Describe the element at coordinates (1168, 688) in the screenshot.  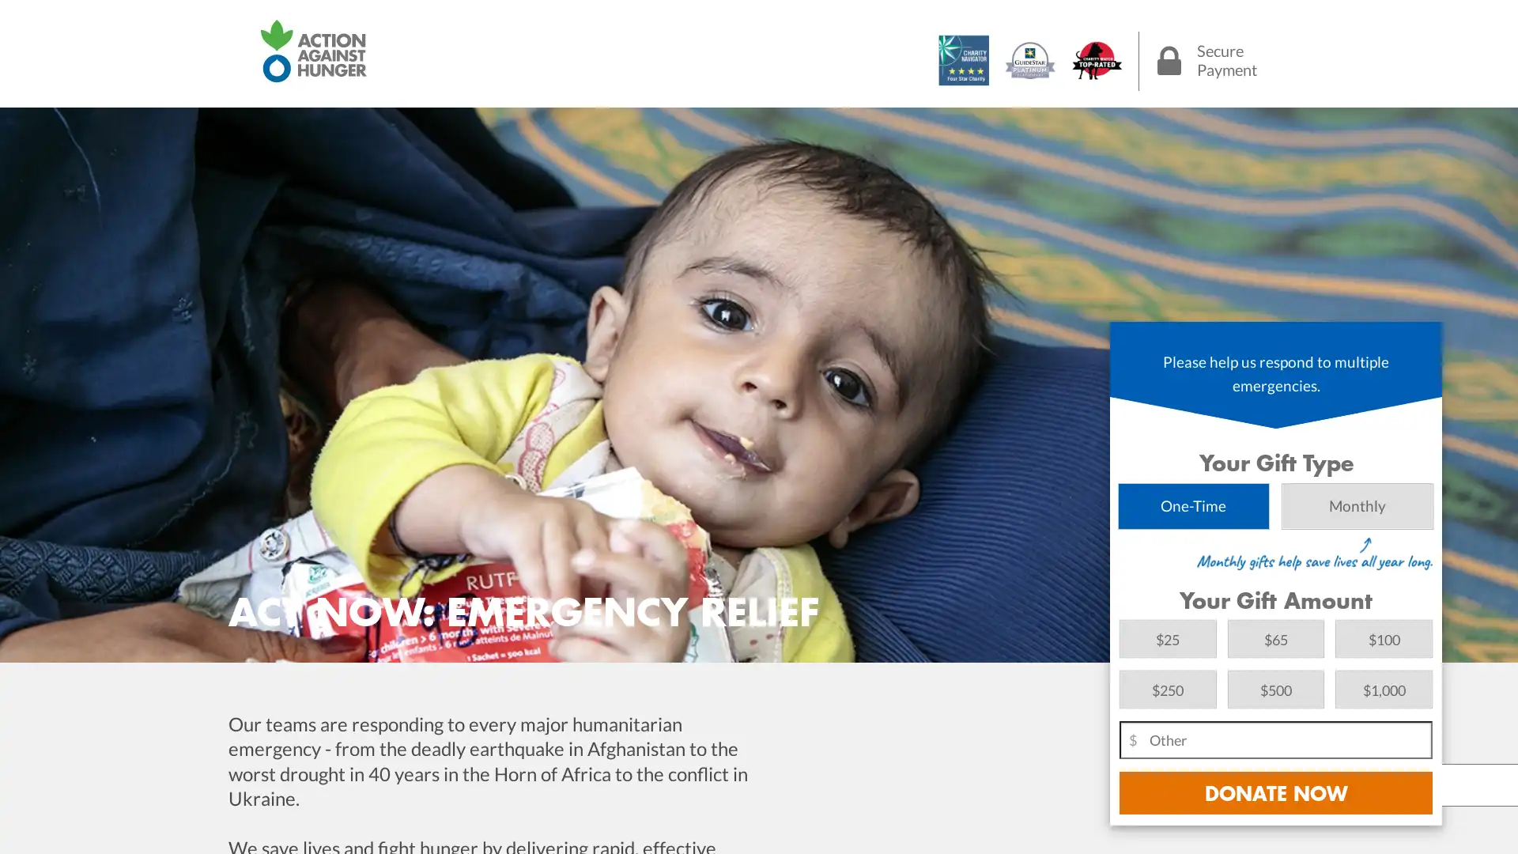
I see `$250` at that location.